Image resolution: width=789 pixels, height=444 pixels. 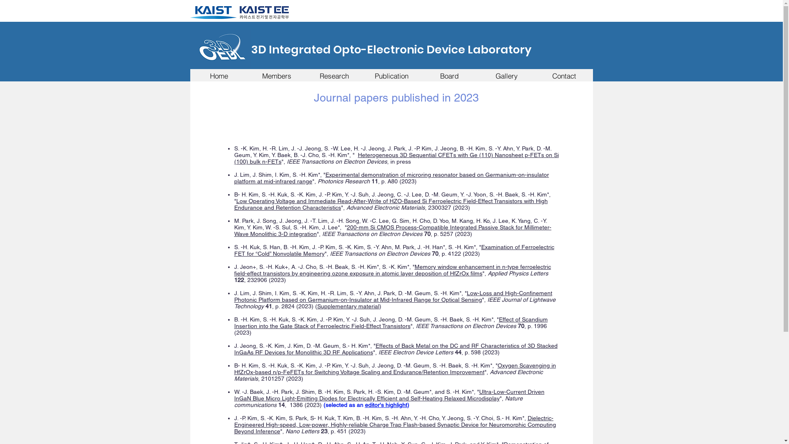 I want to click on 'Home', so click(x=189, y=76).